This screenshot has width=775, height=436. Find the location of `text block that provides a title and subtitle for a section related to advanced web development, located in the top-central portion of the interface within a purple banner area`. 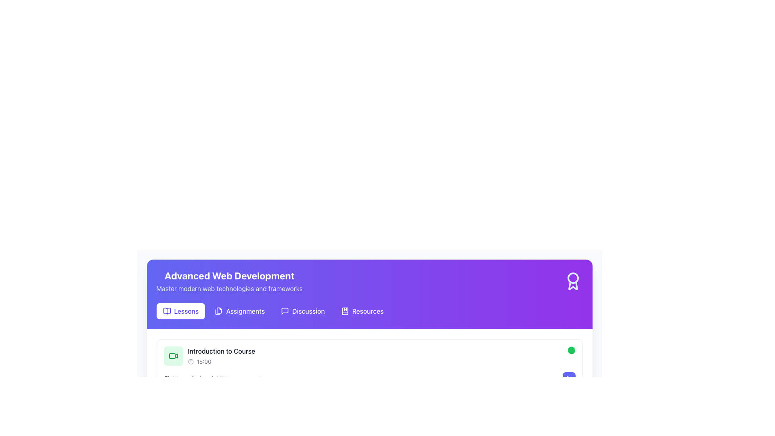

text block that provides a title and subtitle for a section related to advanced web development, located in the top-central portion of the interface within a purple banner area is located at coordinates (229, 281).